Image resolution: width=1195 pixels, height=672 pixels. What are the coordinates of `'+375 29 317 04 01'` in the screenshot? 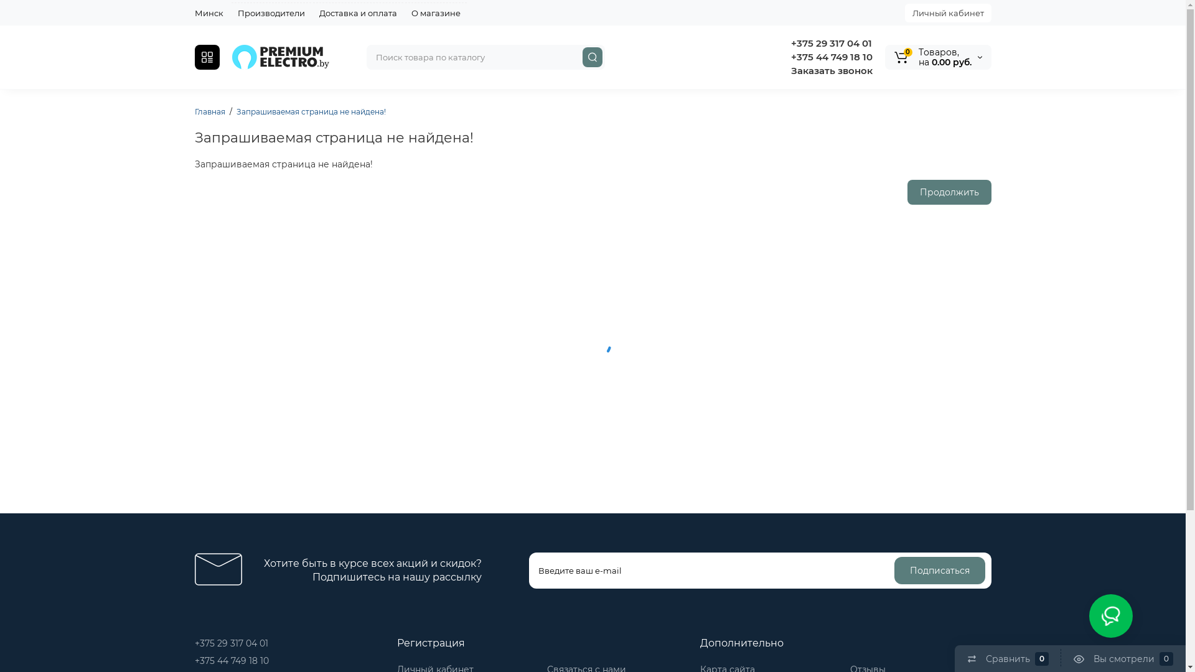 It's located at (230, 643).